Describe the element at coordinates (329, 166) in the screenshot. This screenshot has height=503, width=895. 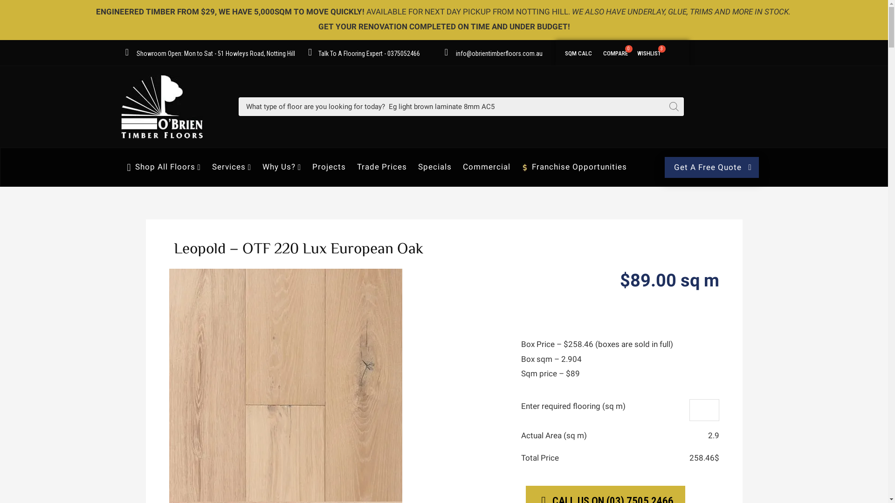
I see `'Projects'` at that location.